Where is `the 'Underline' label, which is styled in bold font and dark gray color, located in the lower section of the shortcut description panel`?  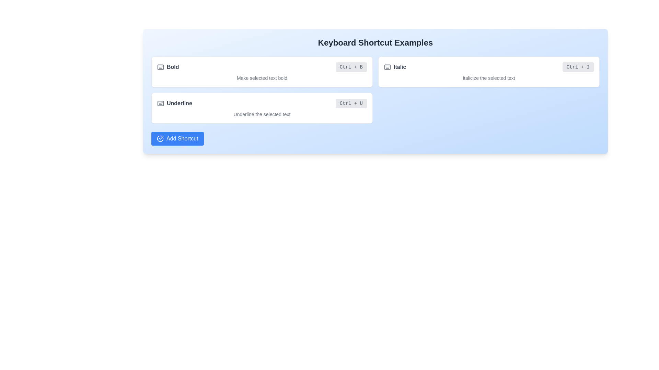 the 'Underline' label, which is styled in bold font and dark gray color, located in the lower section of the shortcut description panel is located at coordinates (179, 103).